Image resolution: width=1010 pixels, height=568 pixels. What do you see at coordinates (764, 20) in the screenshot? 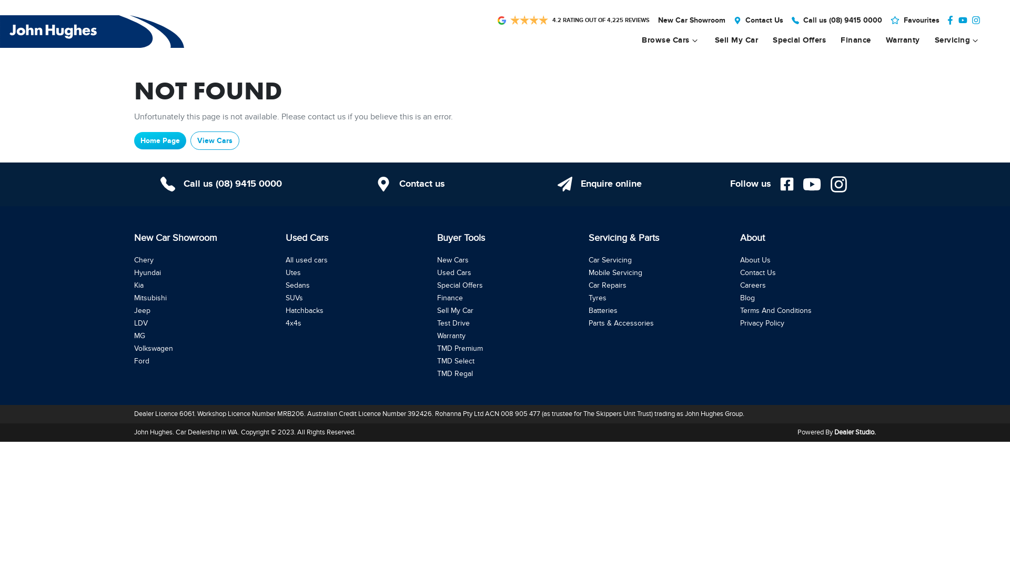
I see `'Contact Us'` at bounding box center [764, 20].